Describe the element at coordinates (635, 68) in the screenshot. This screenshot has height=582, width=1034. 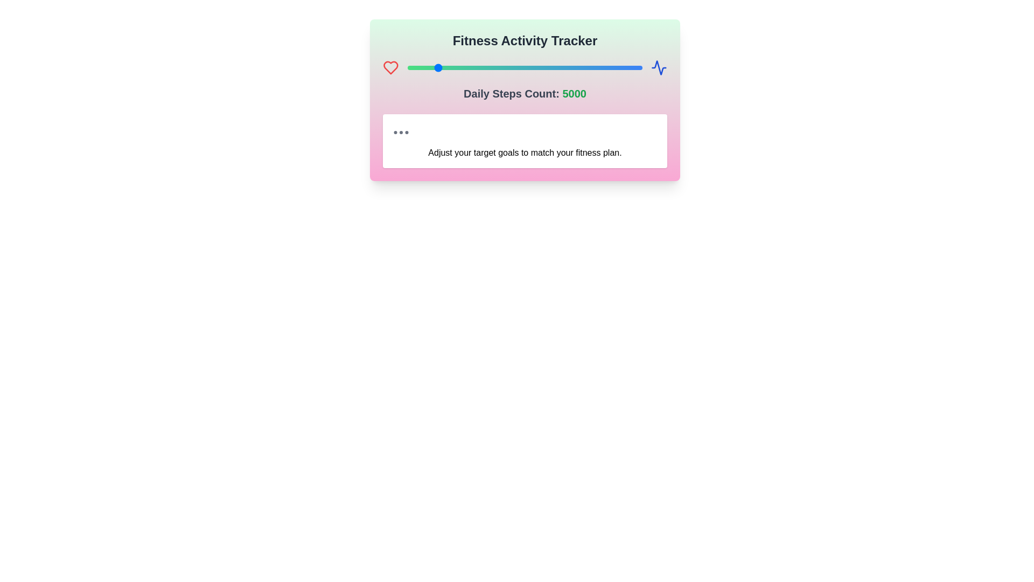
I see `the steps count to 19498 using the slider` at that location.